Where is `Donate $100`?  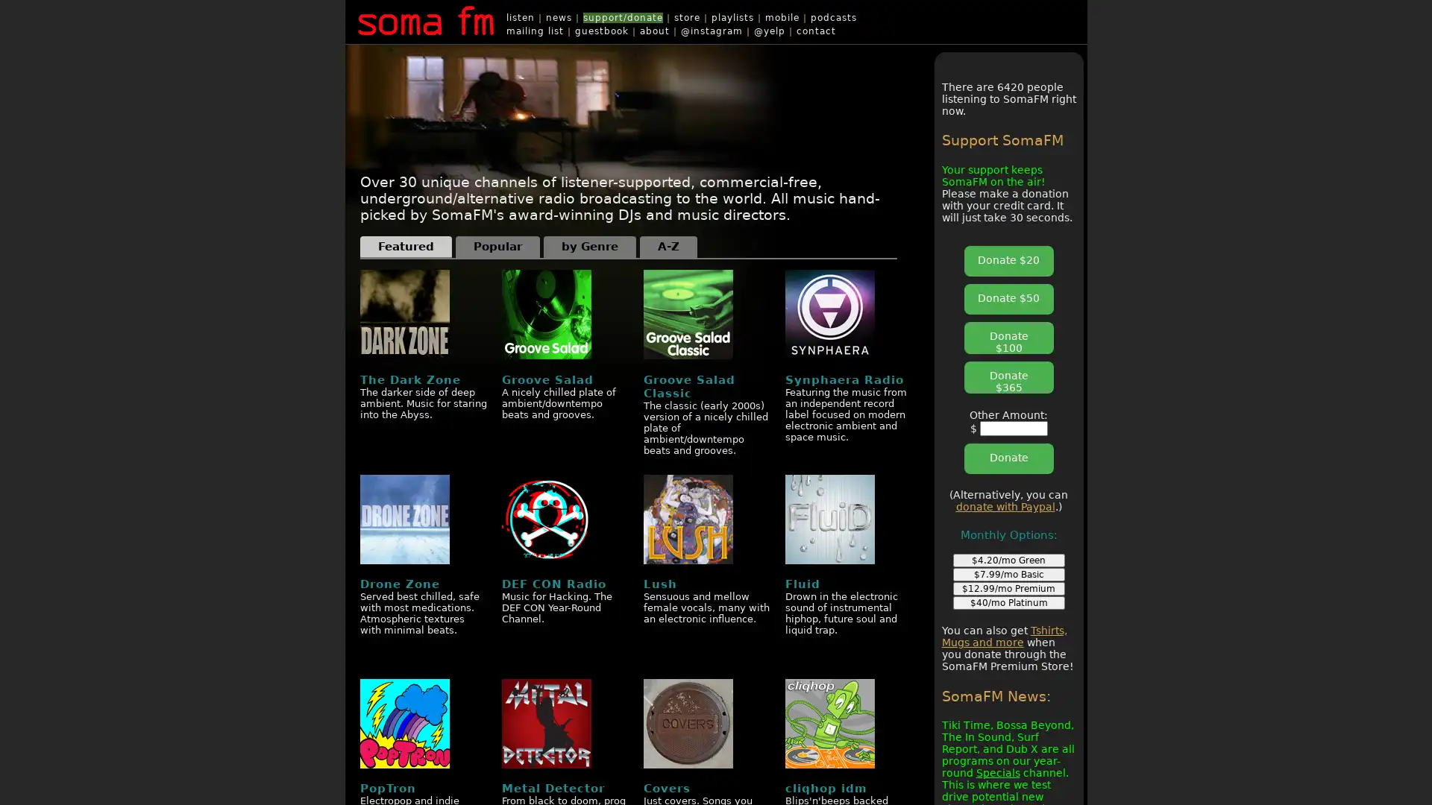 Donate $100 is located at coordinates (1008, 338).